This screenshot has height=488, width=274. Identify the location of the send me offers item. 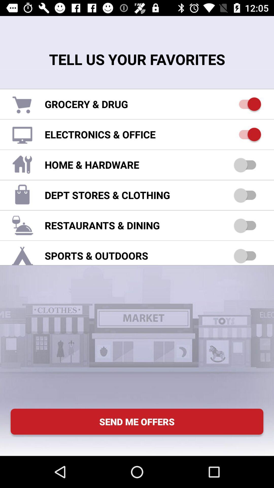
(137, 422).